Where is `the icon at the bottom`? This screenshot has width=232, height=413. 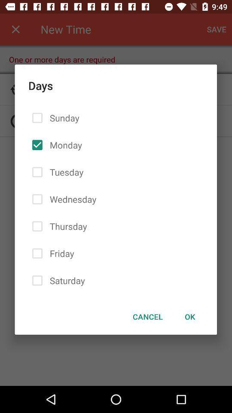 the icon at the bottom is located at coordinates (147, 316).